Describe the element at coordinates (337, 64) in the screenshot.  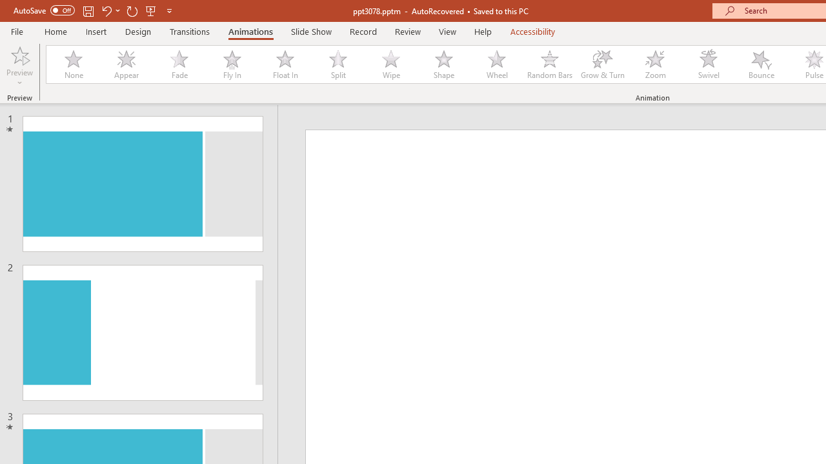
I see `'Split'` at that location.